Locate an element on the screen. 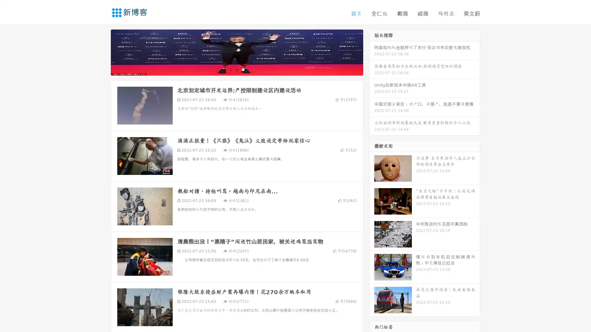 The width and height of the screenshot is (591, 332). Next slide is located at coordinates (372, 52).